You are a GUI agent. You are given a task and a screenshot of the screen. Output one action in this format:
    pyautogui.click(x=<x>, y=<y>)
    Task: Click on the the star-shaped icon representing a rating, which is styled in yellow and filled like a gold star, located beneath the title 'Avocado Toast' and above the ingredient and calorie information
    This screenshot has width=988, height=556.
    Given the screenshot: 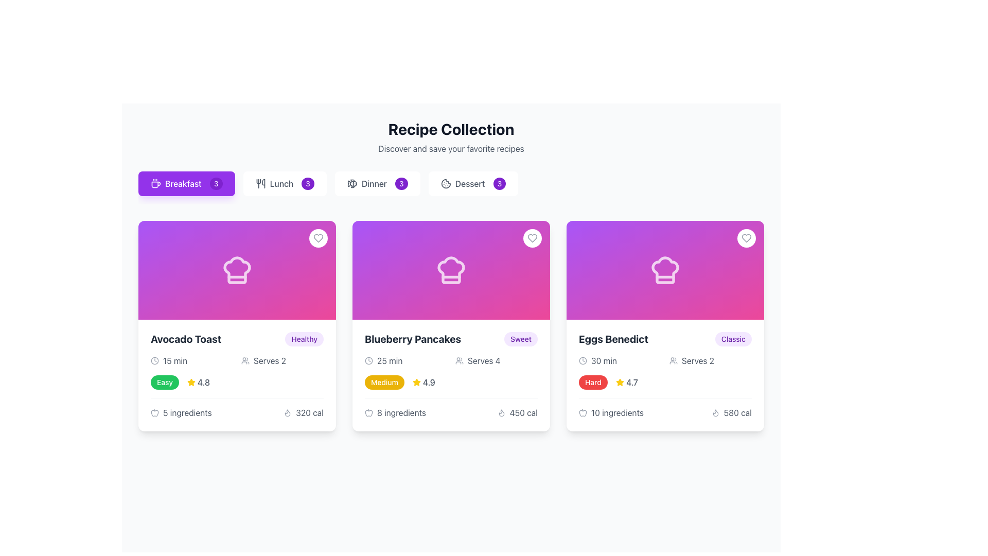 What is the action you would take?
    pyautogui.click(x=191, y=383)
    